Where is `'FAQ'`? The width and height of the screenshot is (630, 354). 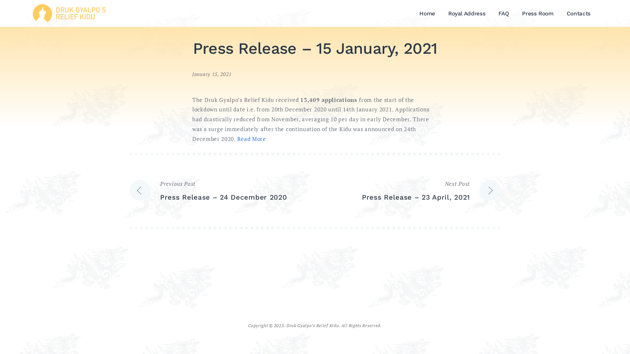 'FAQ' is located at coordinates (503, 13).